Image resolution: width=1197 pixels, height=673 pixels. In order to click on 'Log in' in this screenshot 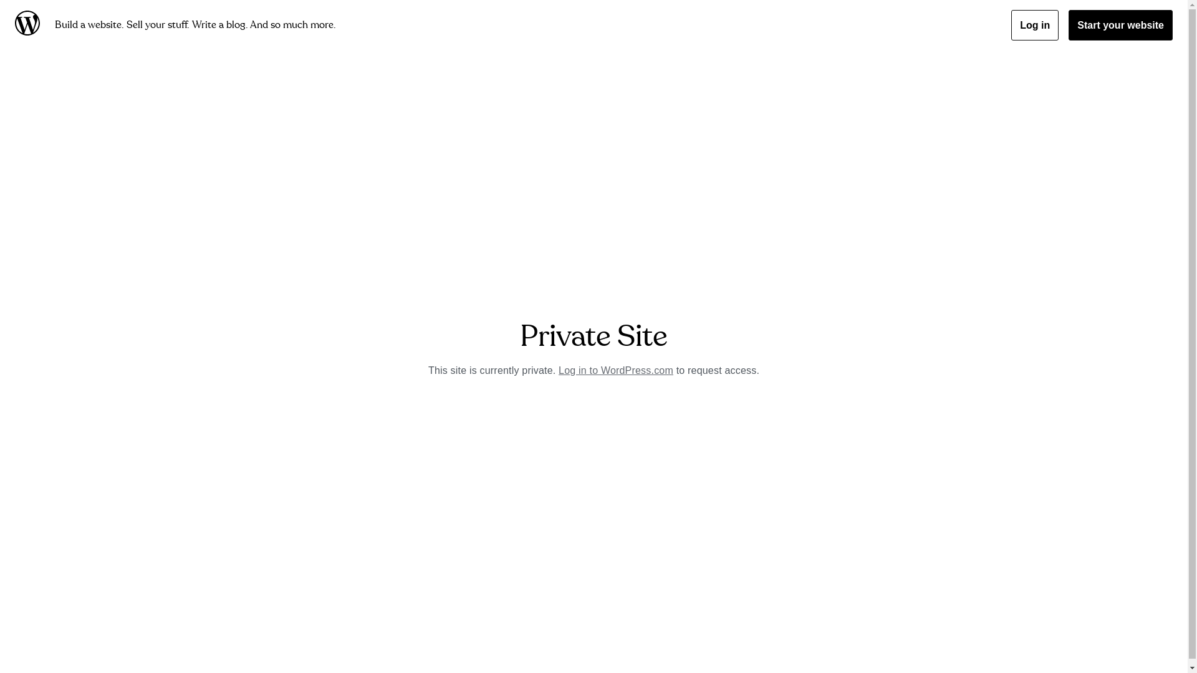, I will do `click(1011, 25)`.